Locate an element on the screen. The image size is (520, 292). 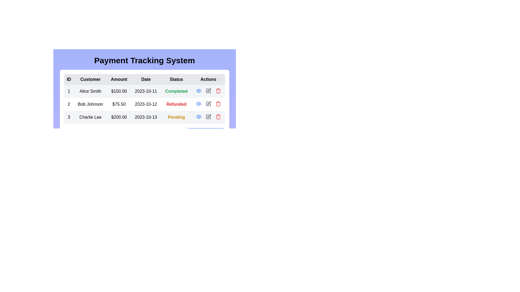
the 'Completed' status label for customer 'Alice Smith', which is displayed in bold green font in the 'Status' column of the table is located at coordinates (176, 91).